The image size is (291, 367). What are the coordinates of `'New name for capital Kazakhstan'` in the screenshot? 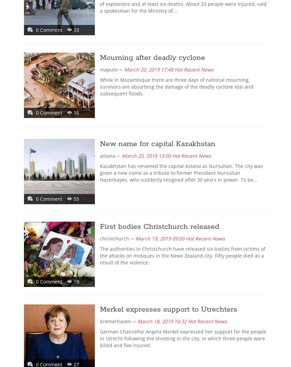 It's located at (157, 144).